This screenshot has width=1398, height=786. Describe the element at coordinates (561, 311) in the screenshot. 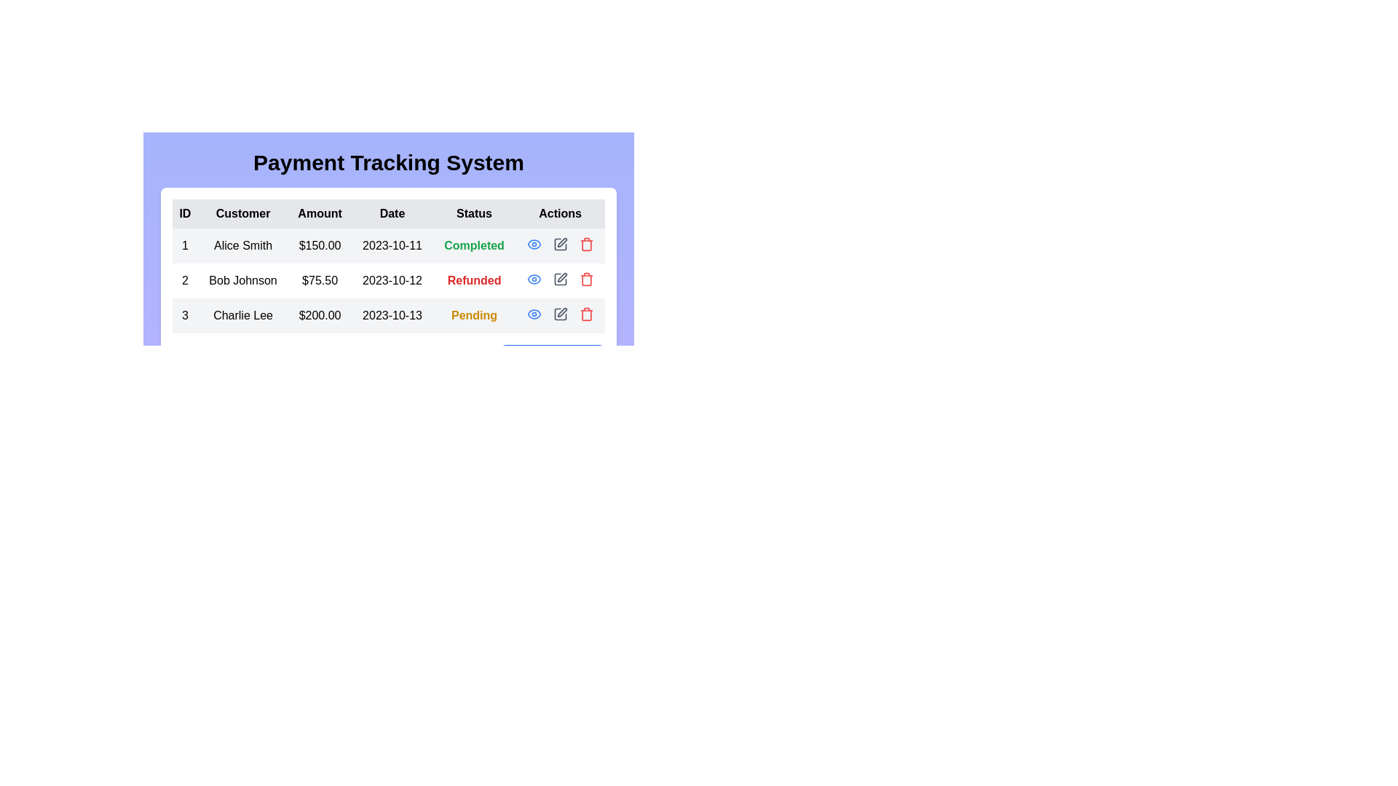

I see `the SVG icon in the 'Actions' column of the third row for customer 'Charlie Lee'` at that location.